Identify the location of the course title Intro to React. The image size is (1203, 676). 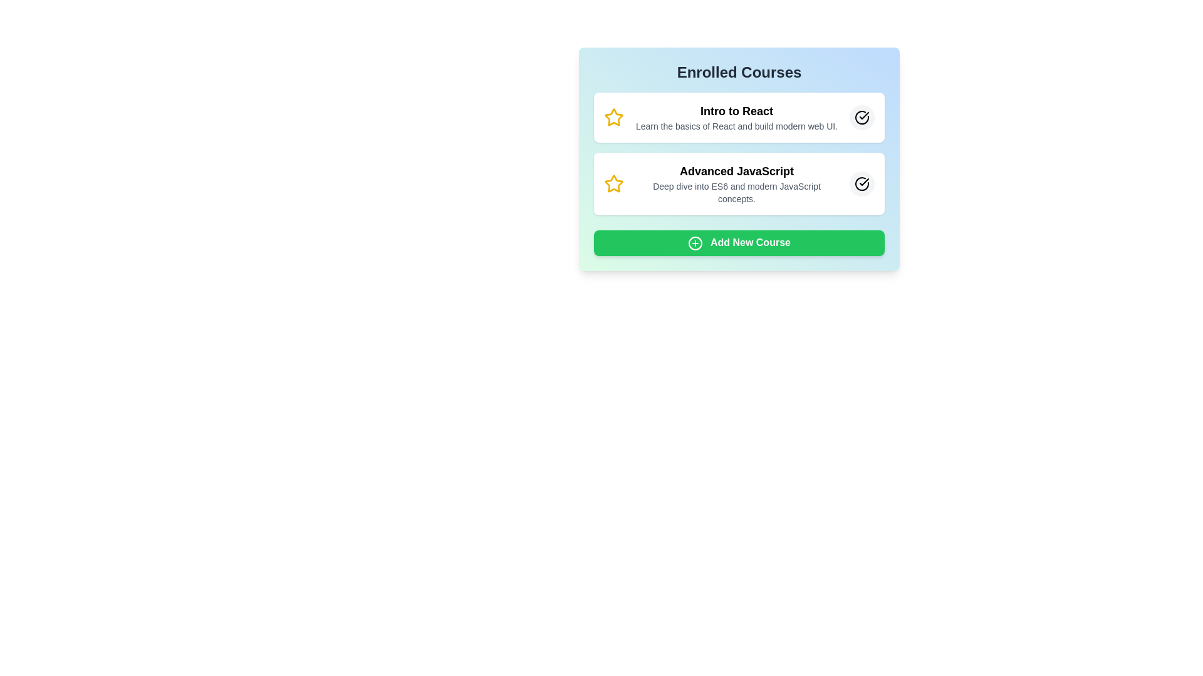
(739, 110).